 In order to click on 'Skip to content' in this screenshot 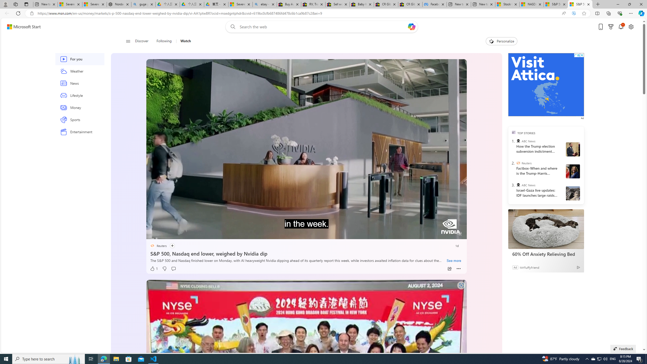, I will do `click(22, 26)`.